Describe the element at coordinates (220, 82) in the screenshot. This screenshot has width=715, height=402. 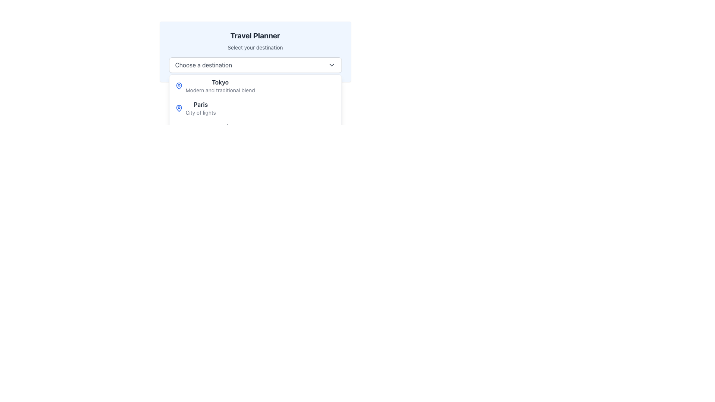
I see `the first selectable option in the dropdown list for choosing a travel destination, which is located above the text description 'Modern and traditional blend'` at that location.